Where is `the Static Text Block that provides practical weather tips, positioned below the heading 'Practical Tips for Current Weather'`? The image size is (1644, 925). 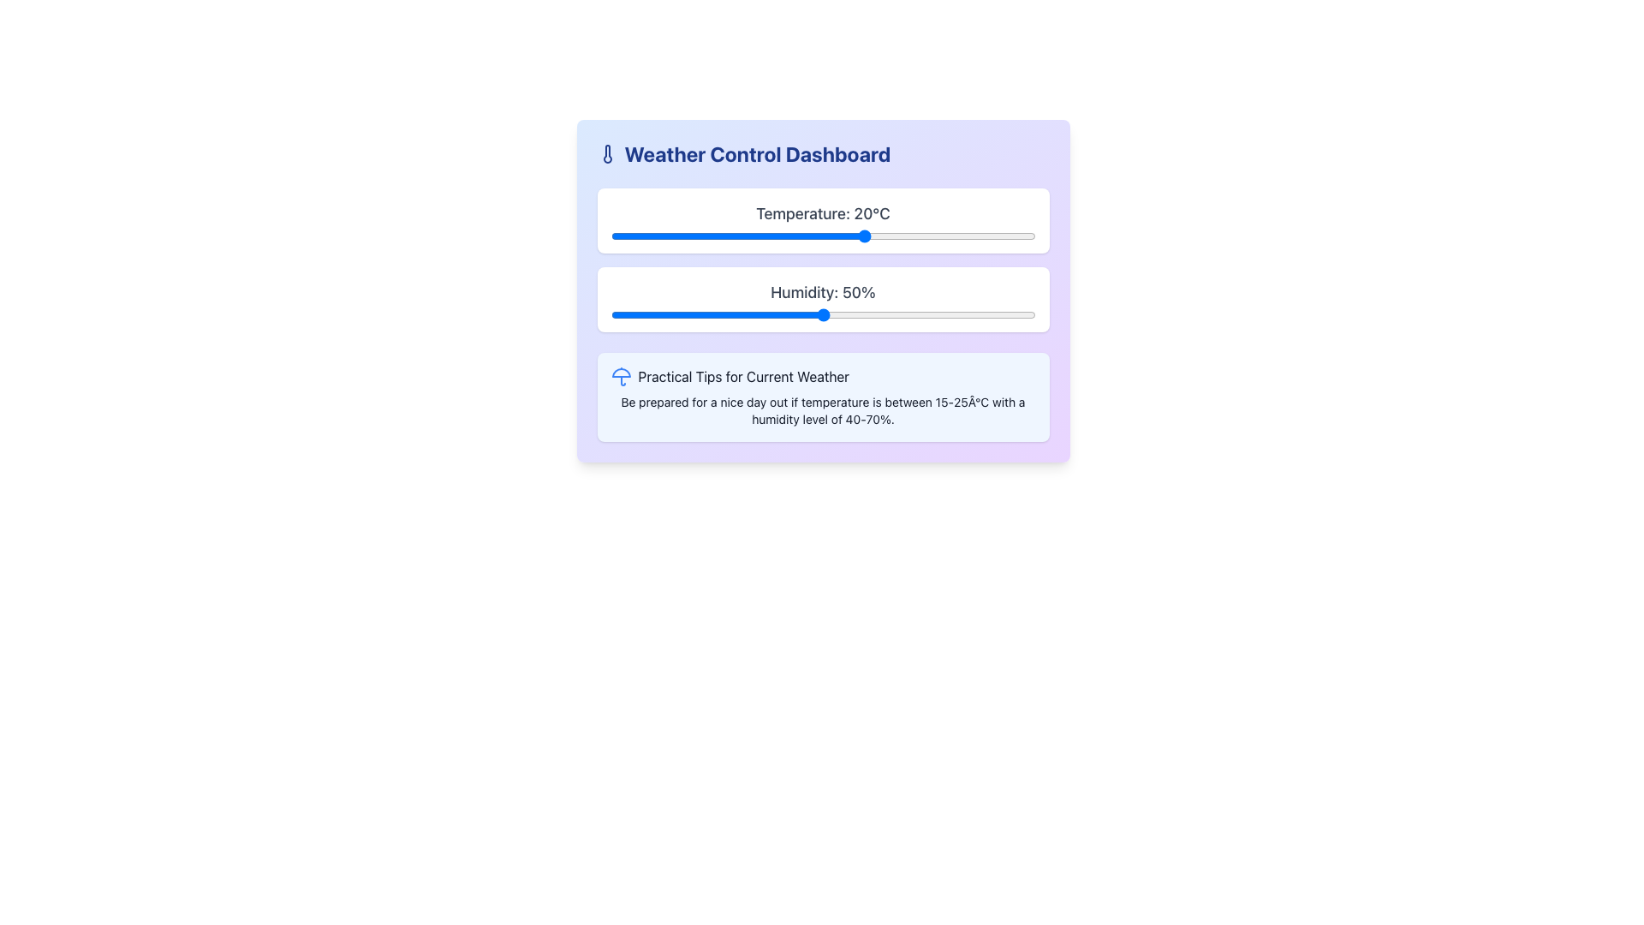 the Static Text Block that provides practical weather tips, positioned below the heading 'Practical Tips for Current Weather' is located at coordinates (823, 410).